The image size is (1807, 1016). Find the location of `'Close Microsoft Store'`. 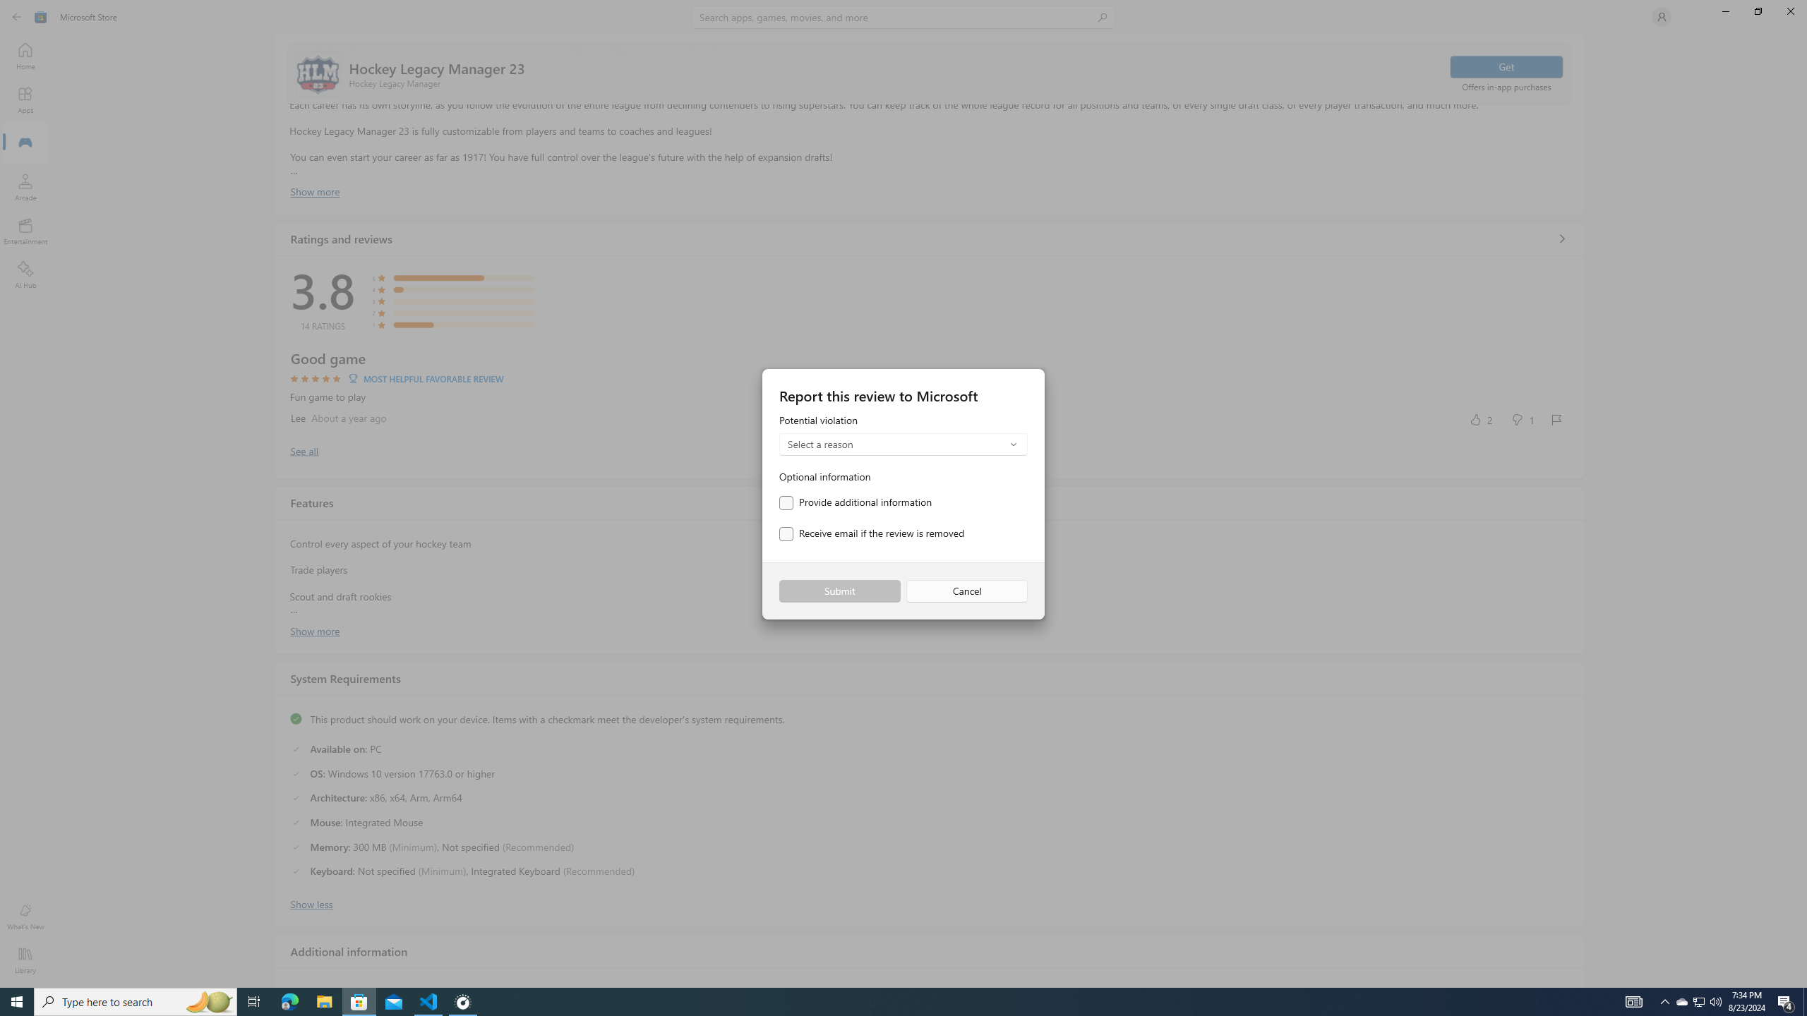

'Close Microsoft Store' is located at coordinates (1789, 11).